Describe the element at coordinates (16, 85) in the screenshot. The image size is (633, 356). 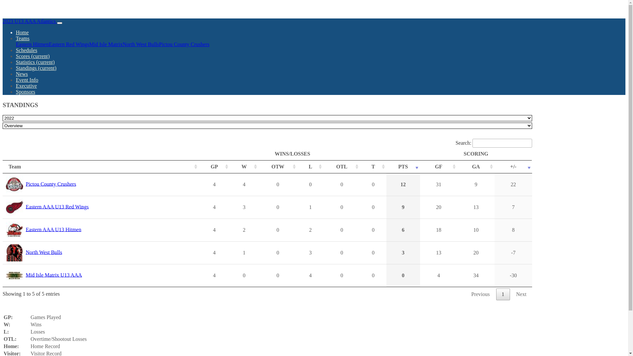
I see `'Executive'` at that location.